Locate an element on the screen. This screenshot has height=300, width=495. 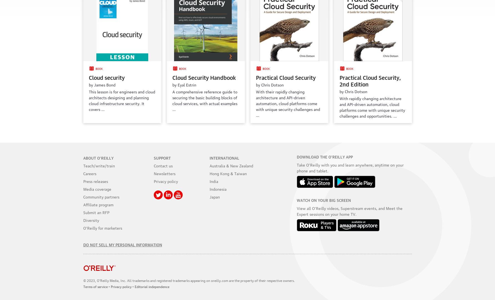
'Diversity' is located at coordinates (83, 220).